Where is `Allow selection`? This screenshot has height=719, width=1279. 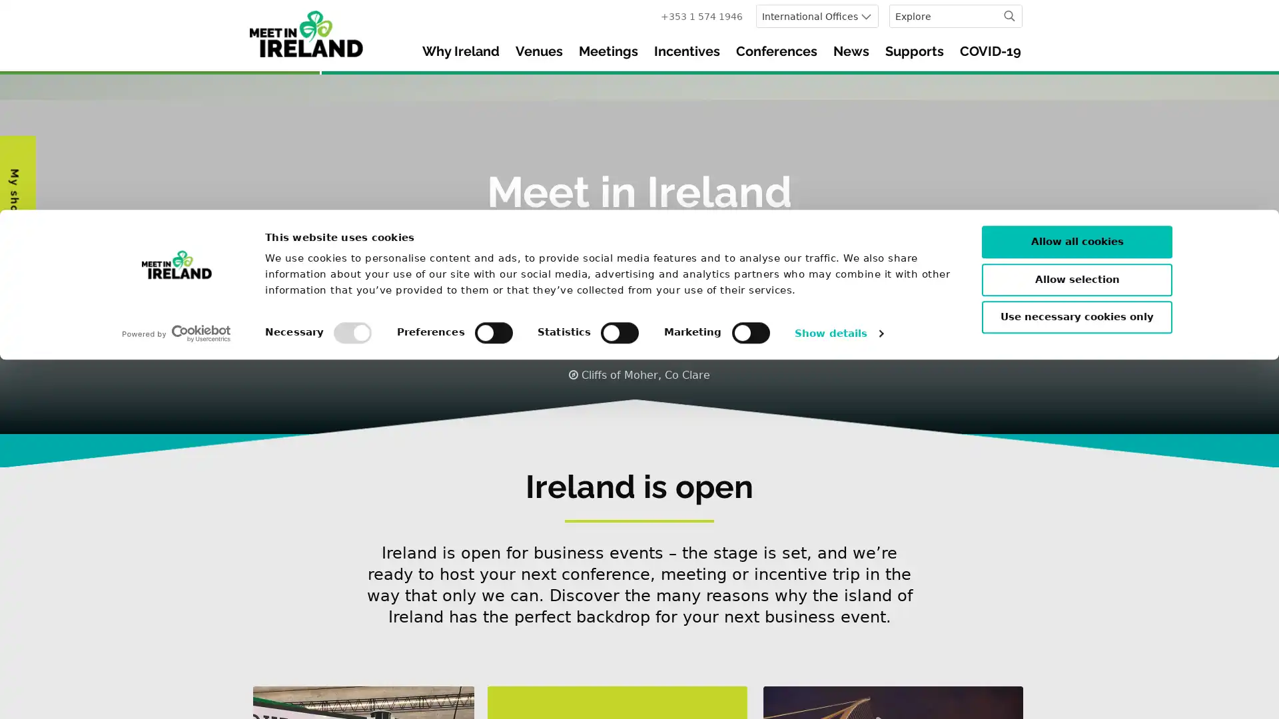
Allow selection is located at coordinates (1077, 638).